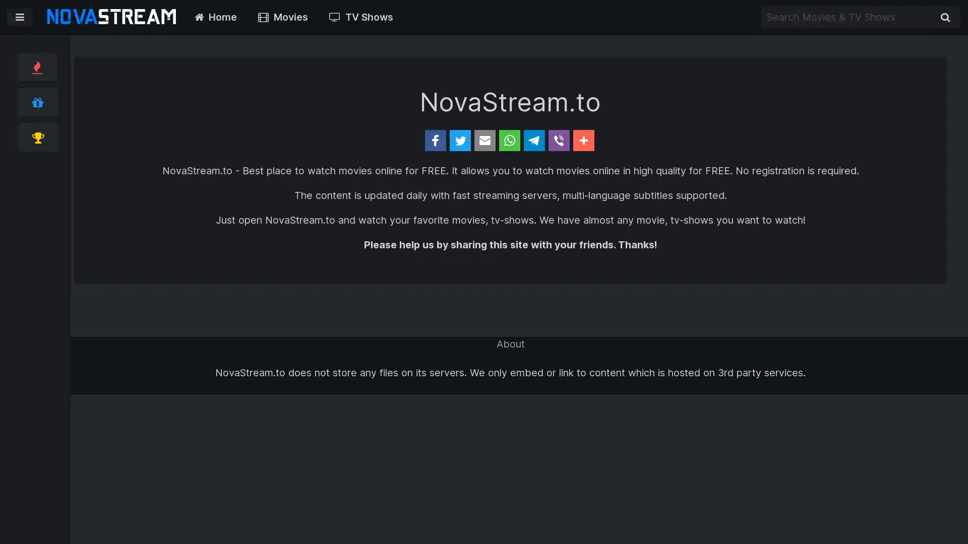 This screenshot has width=968, height=544. I want to click on Share to WhatsApp WhatsApp, so click(512, 140).